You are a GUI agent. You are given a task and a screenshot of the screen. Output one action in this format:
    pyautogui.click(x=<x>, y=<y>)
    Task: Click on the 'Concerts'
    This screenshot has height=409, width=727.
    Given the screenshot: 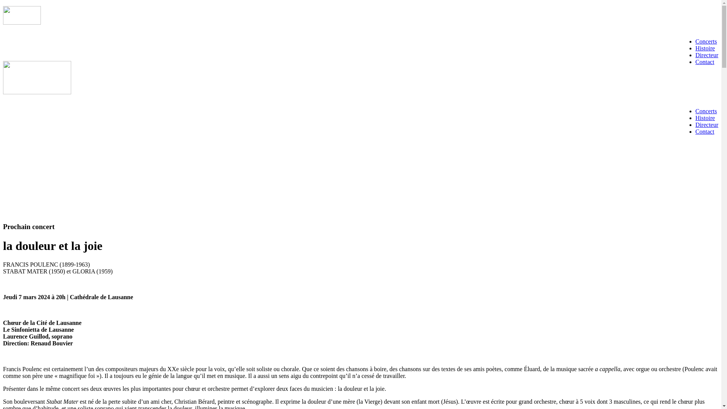 What is the action you would take?
    pyautogui.click(x=706, y=41)
    